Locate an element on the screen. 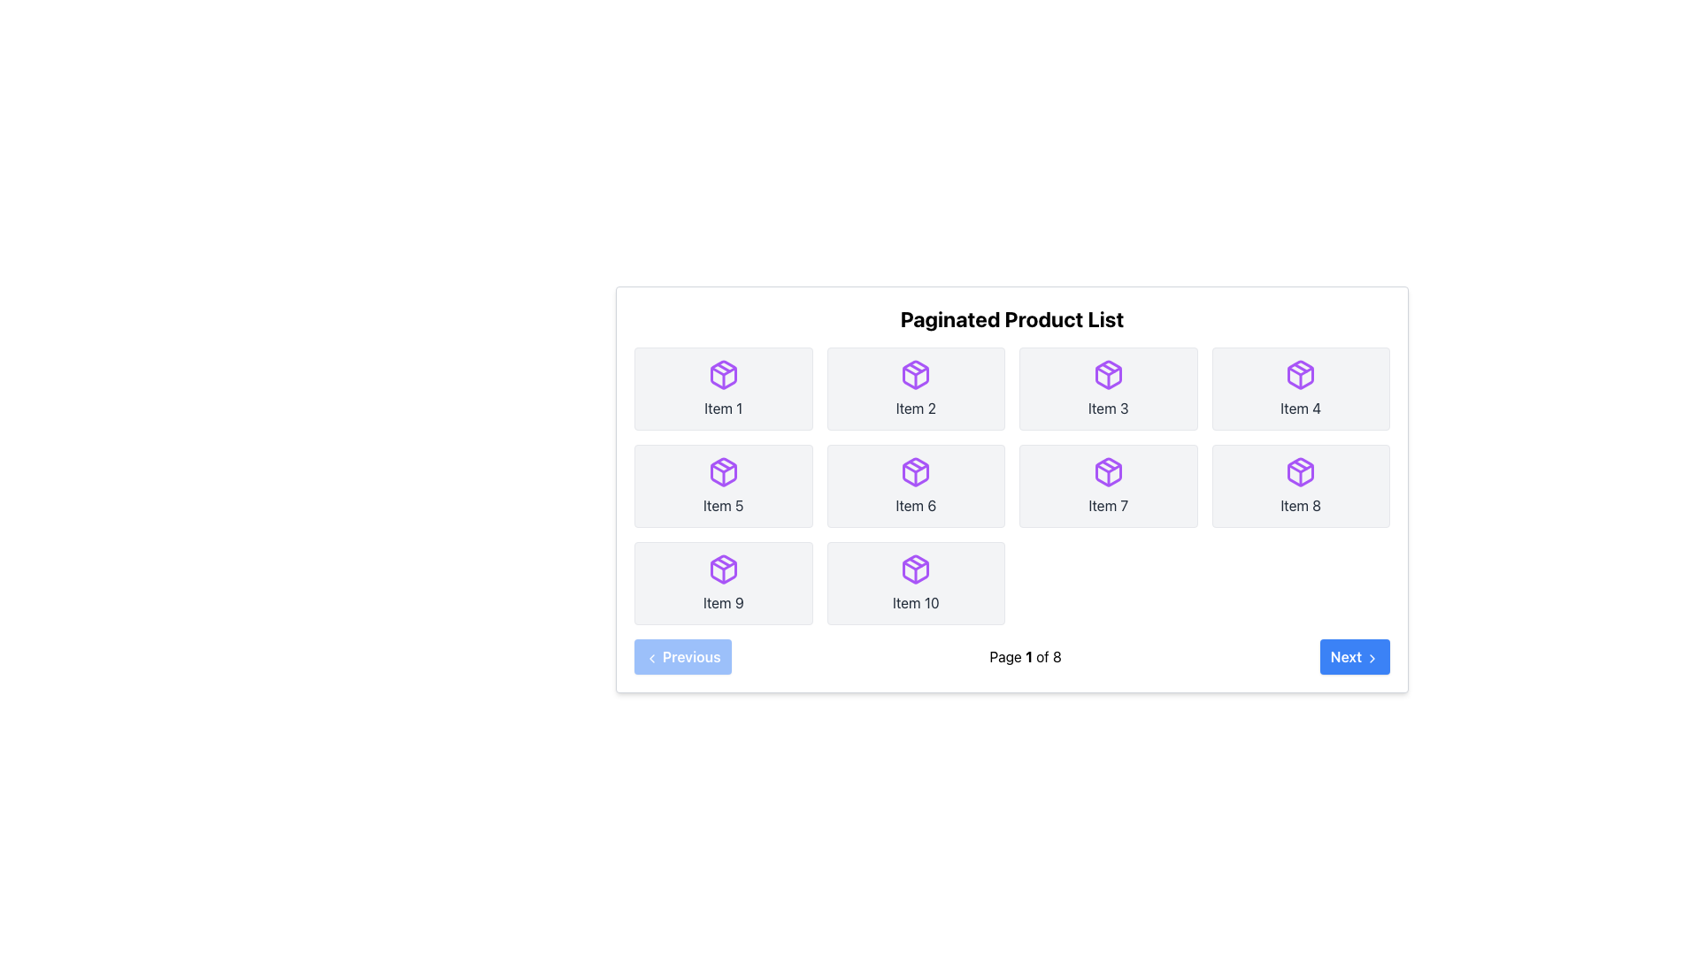  the icon representing 'Item 5' located in the second row and first column of the grid layout is located at coordinates (723, 470).